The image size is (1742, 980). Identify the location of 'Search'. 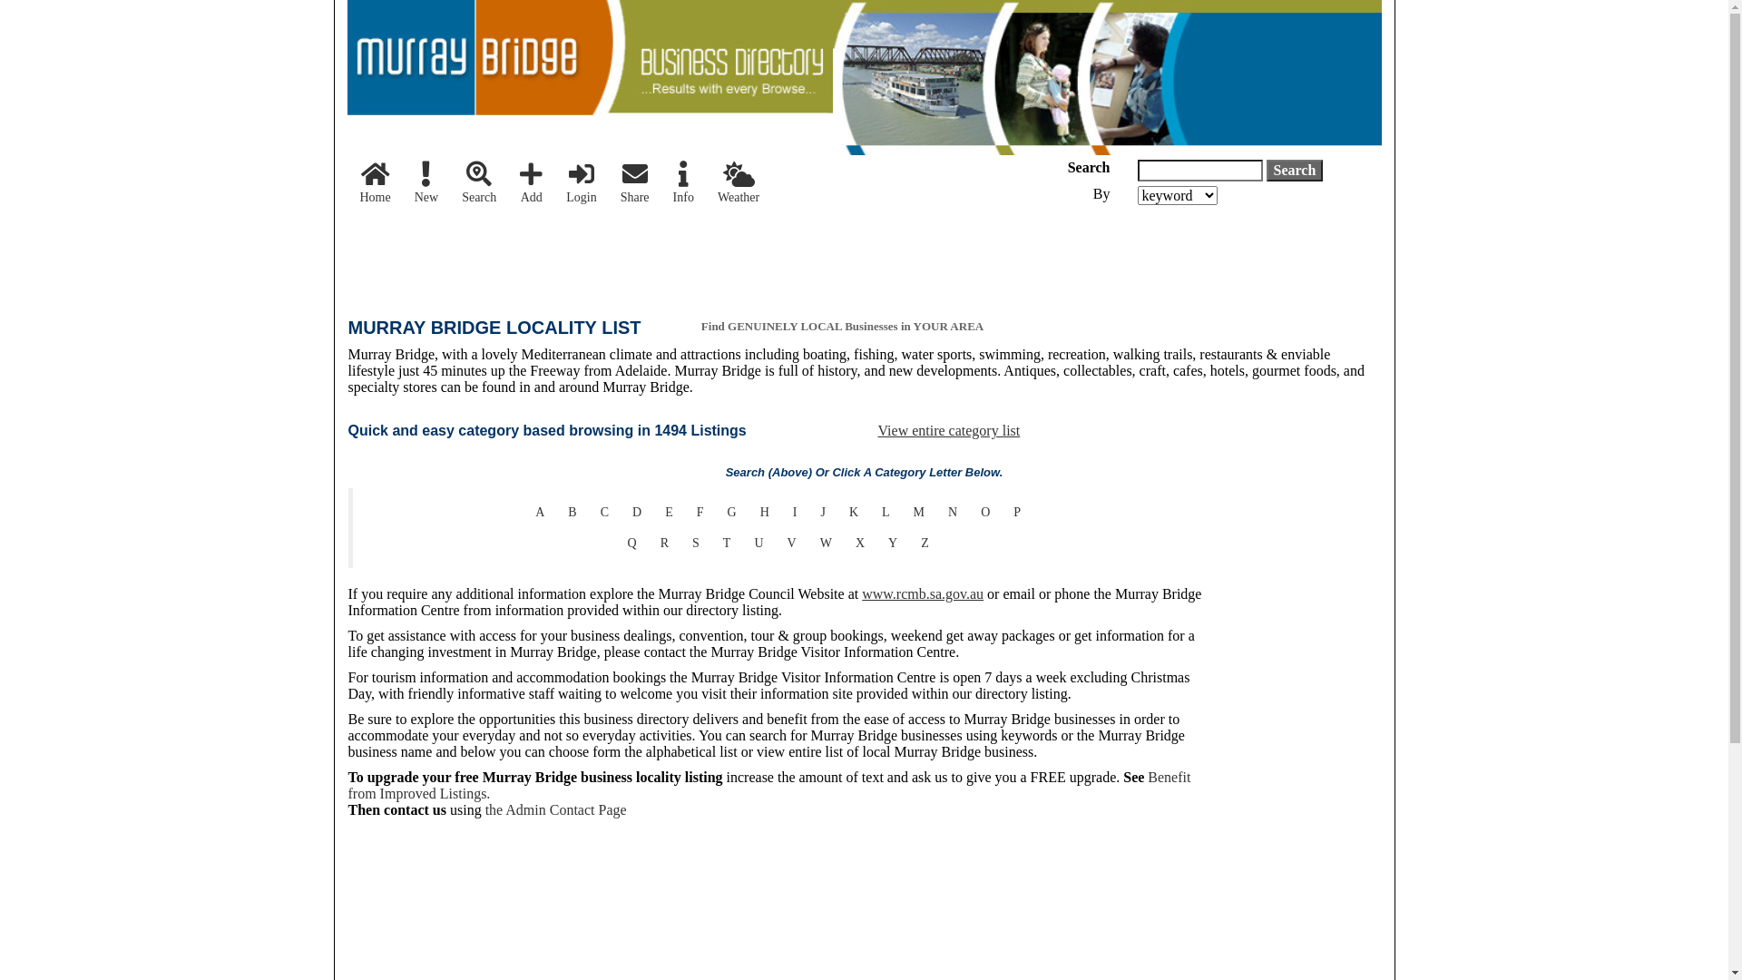
(479, 184).